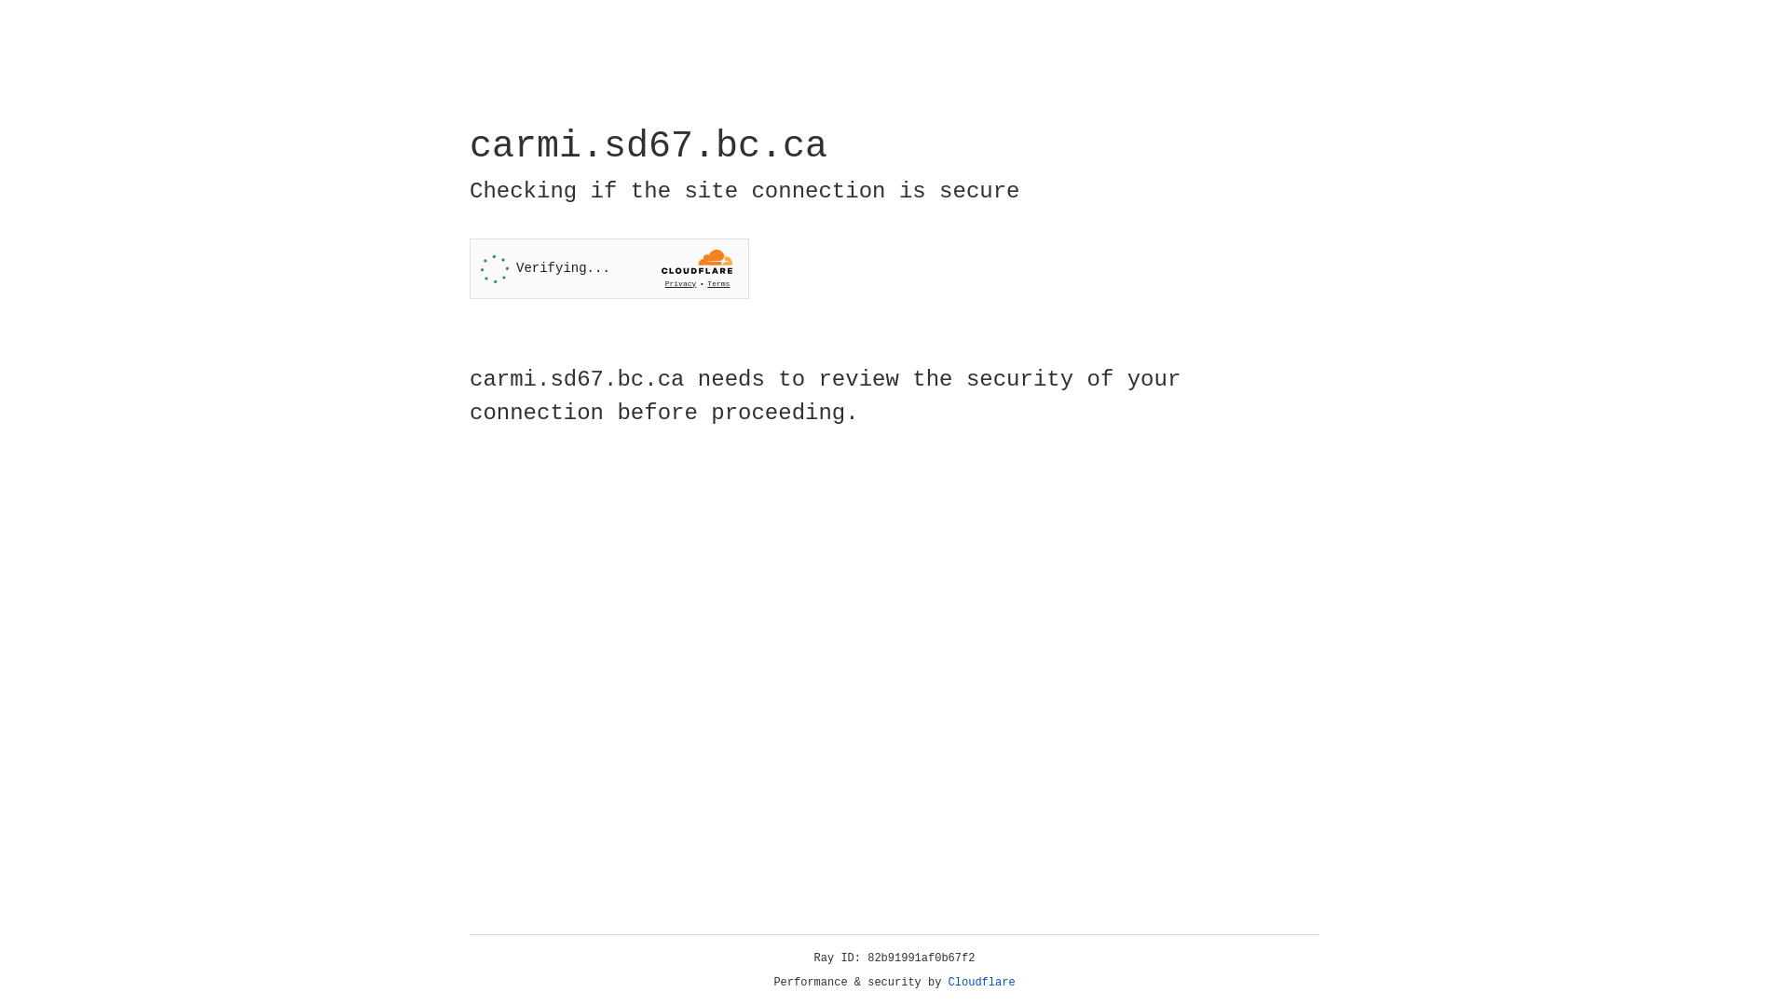 The image size is (1789, 1006). I want to click on 'Widget containing a Cloudflare security challenge', so click(608, 268).